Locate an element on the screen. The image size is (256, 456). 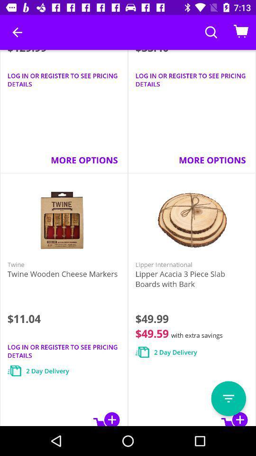
the image which is above the lipper international is located at coordinates (192, 220).